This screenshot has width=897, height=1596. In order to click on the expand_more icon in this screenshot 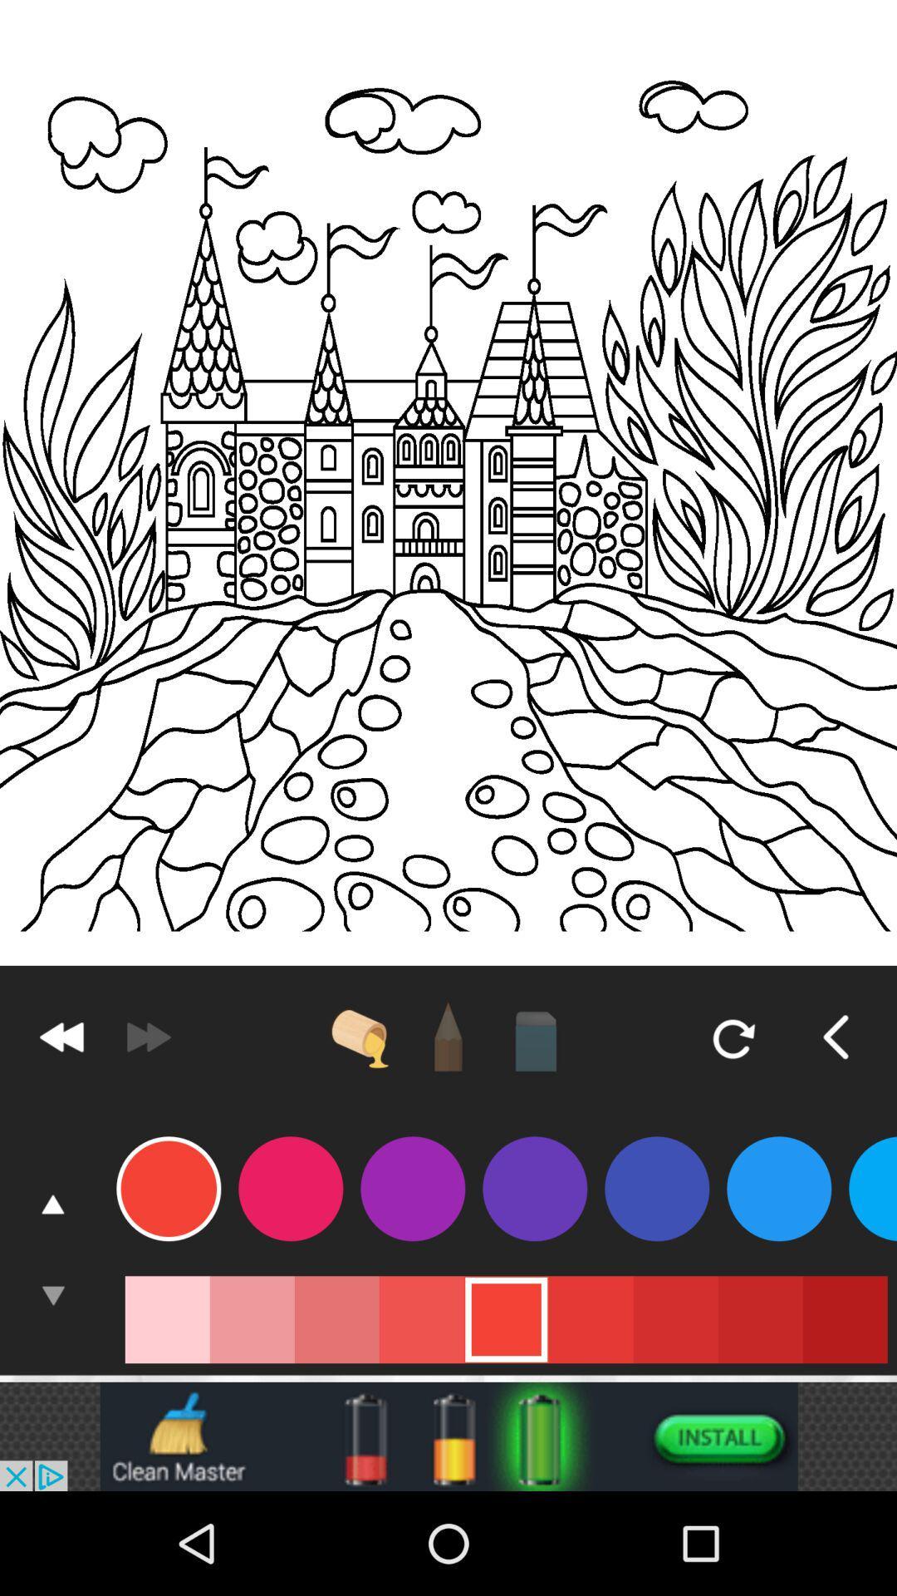, I will do `click(52, 1386)`.